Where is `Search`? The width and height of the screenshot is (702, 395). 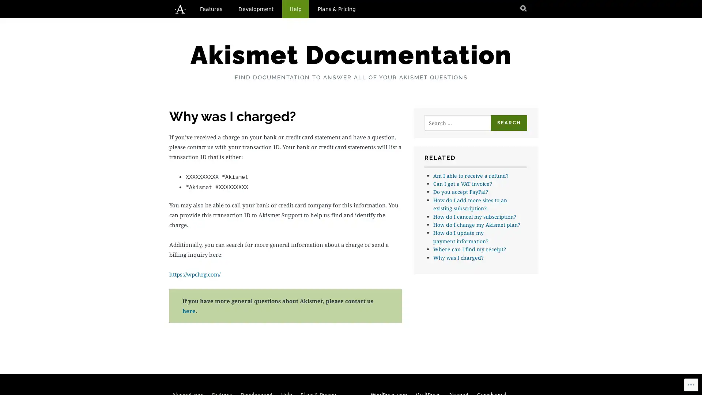 Search is located at coordinates (509, 123).